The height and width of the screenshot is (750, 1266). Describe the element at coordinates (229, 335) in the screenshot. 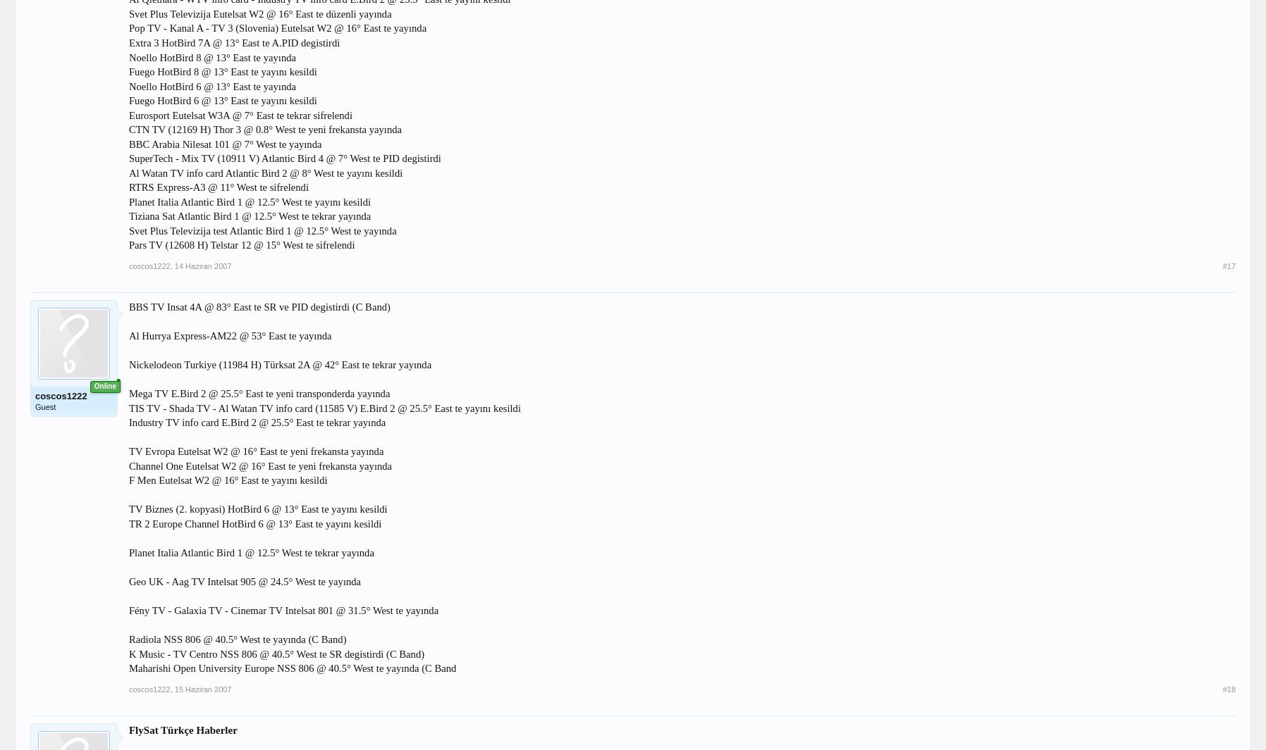

I see `'Al Hurrya Express-AM22 @ 53° East te yayında'` at that location.